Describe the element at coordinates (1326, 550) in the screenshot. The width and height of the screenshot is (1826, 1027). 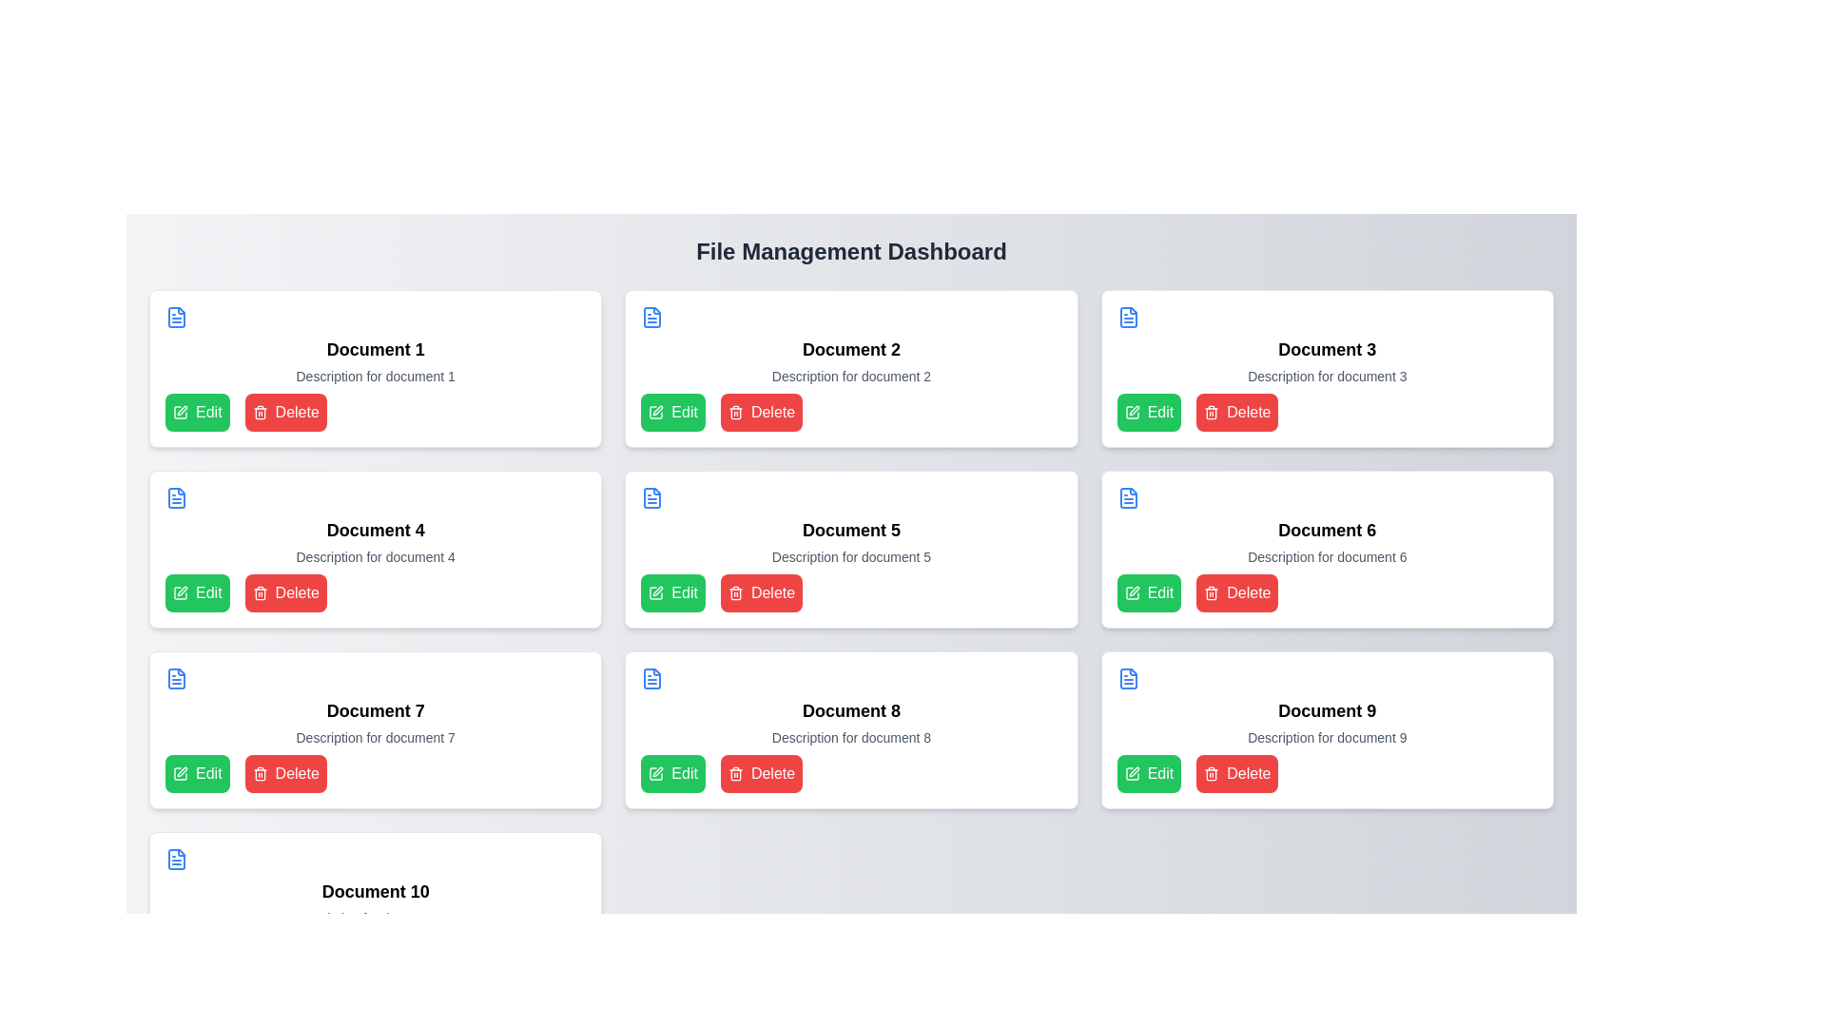
I see `the card representing an item in the document management grid, located in the second row and third column, following the card for 'Document 5'` at that location.